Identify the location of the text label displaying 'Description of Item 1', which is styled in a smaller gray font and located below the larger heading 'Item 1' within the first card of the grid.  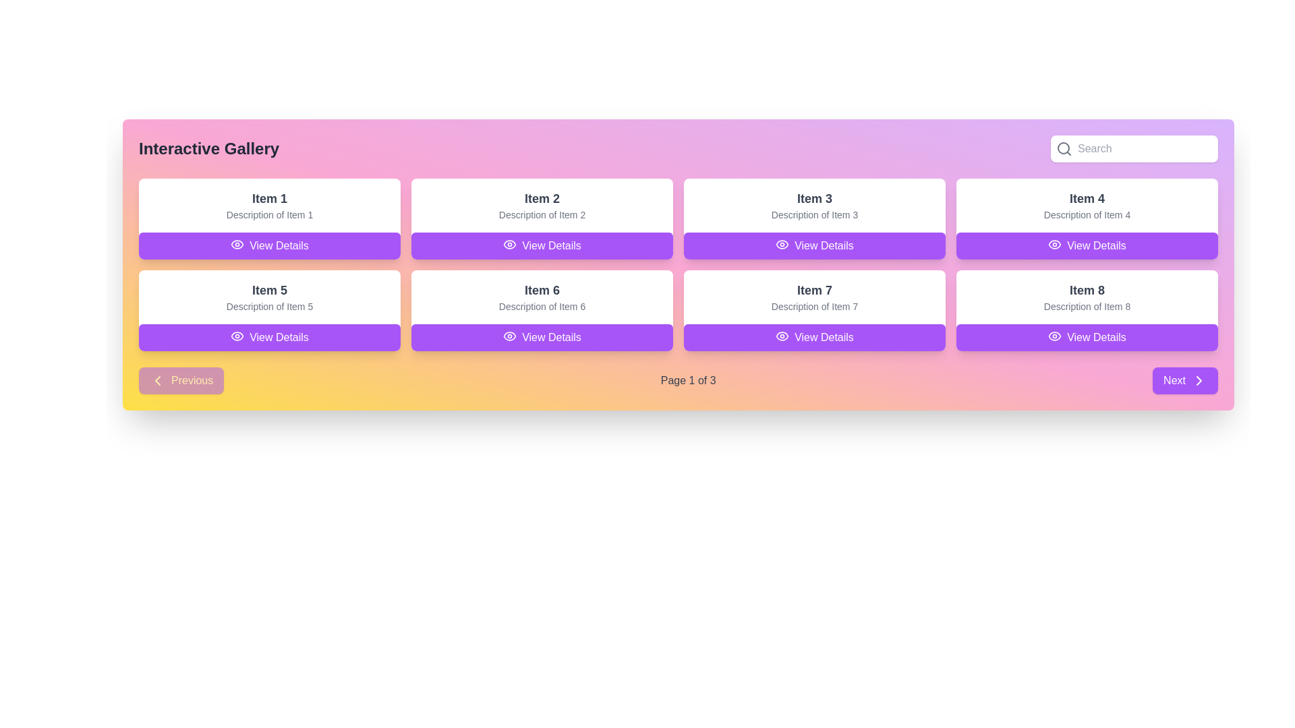
(269, 214).